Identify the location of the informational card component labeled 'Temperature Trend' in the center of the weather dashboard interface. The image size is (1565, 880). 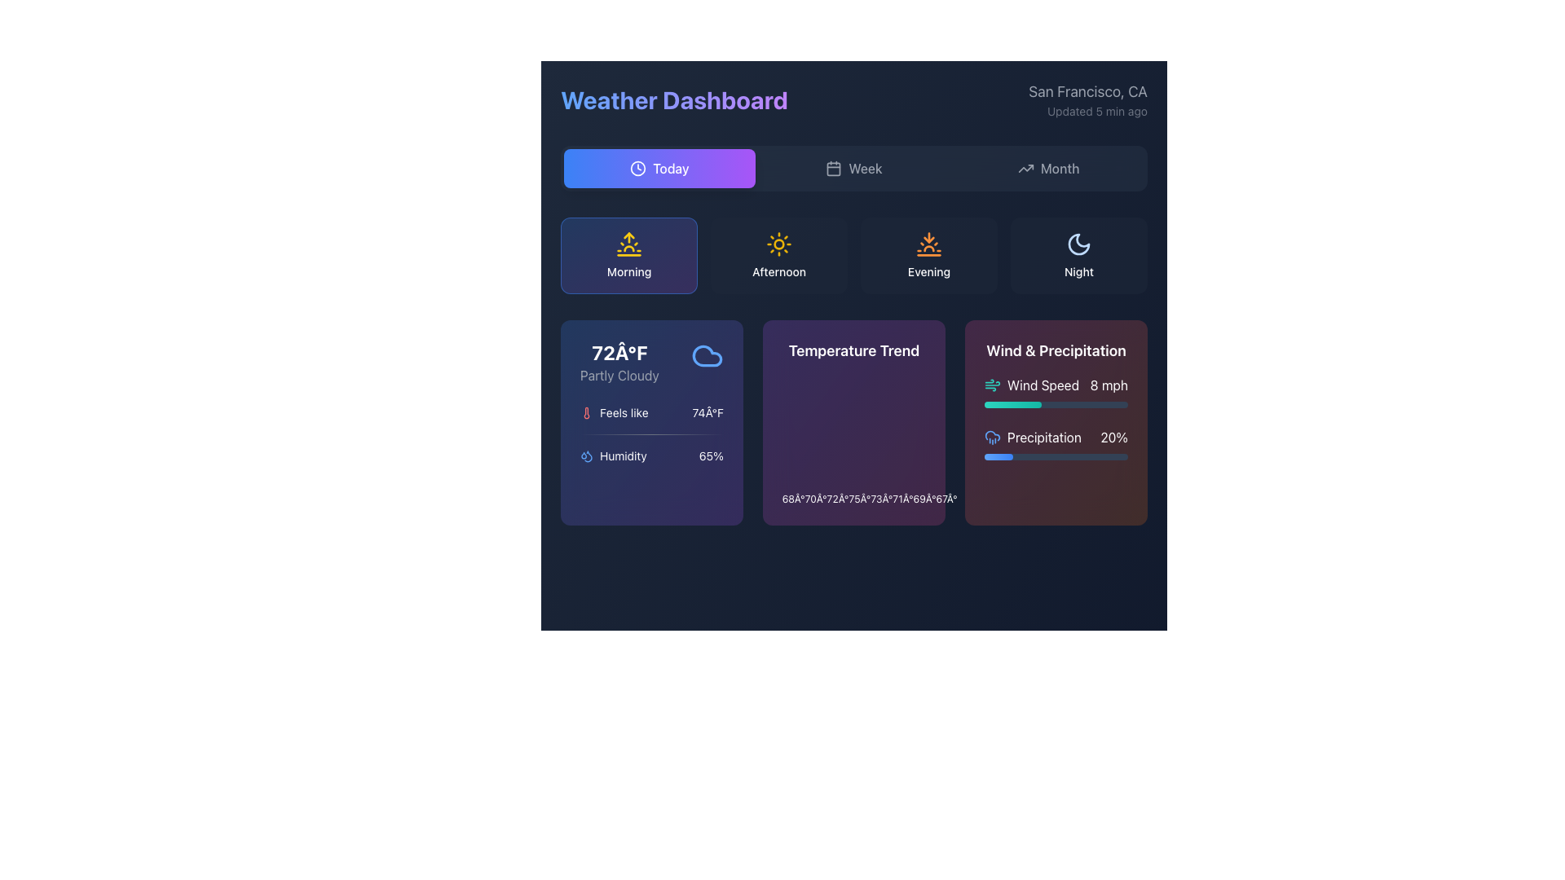
(853, 422).